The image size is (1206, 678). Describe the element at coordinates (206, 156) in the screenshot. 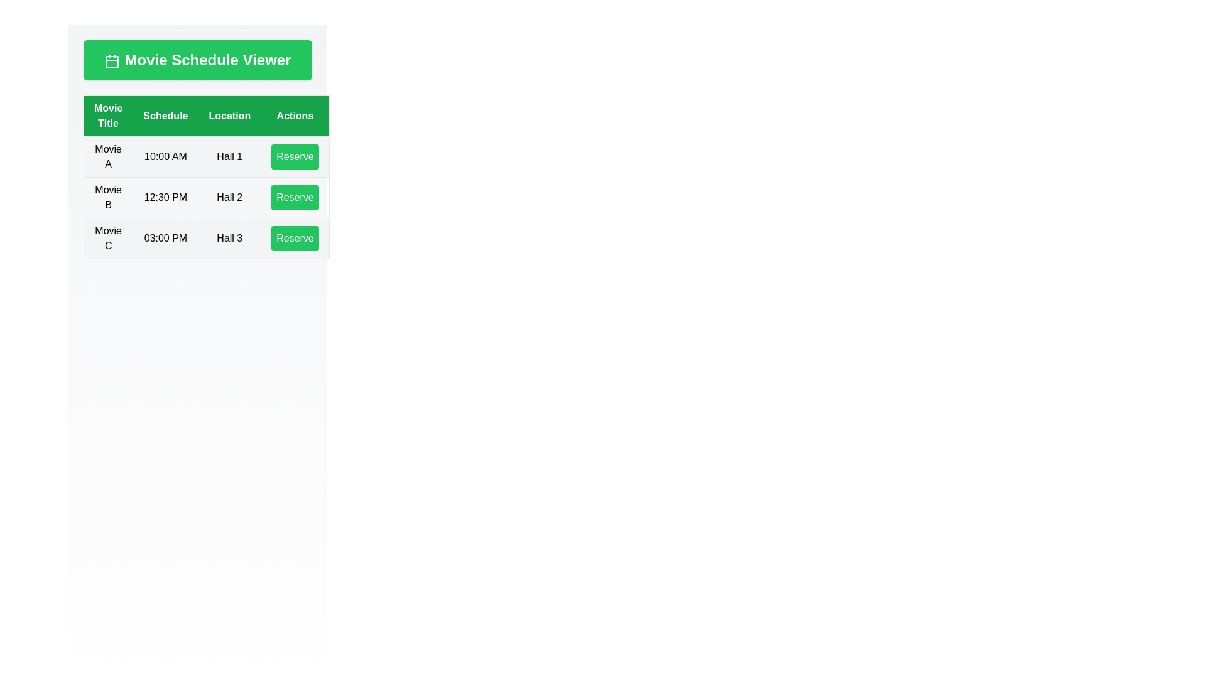

I see `the row corresponding to Movie A` at that location.